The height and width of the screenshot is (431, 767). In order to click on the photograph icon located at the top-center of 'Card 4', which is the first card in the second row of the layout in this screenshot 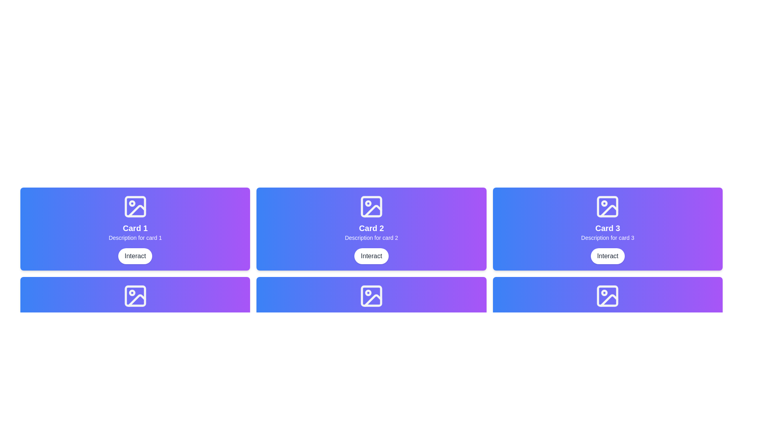, I will do `click(135, 296)`.